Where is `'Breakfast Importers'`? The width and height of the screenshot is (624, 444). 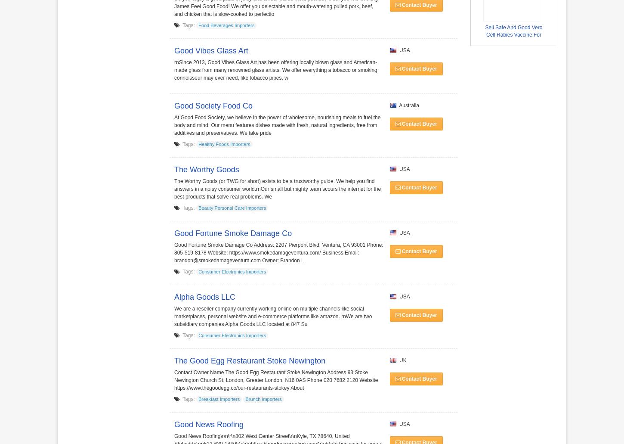 'Breakfast Importers' is located at coordinates (198, 399).